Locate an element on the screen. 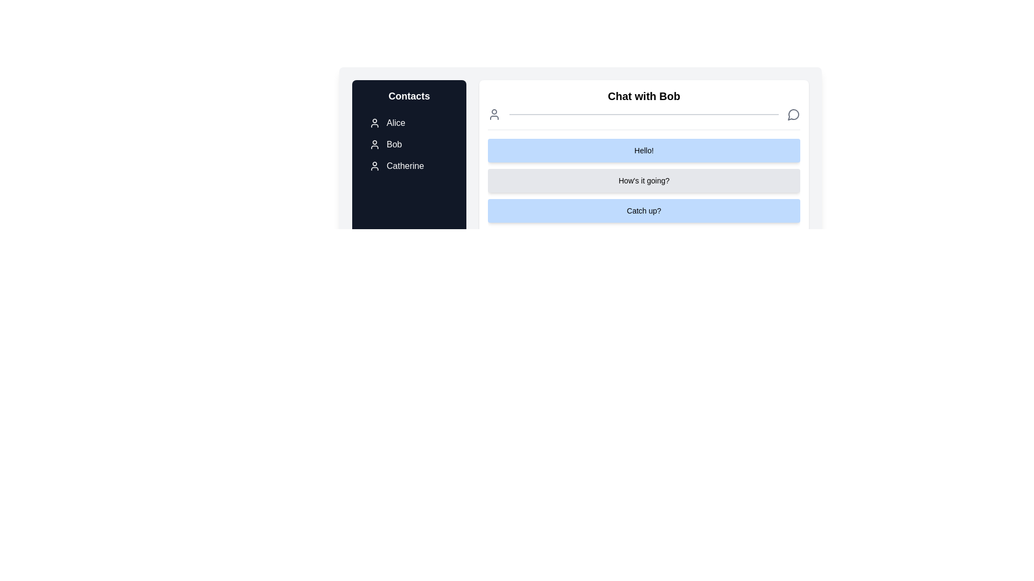 This screenshot has height=581, width=1034. the user-related functionality icon located at the left side of the horizontal row in the top-center area of the chat interface is located at coordinates (493, 114).